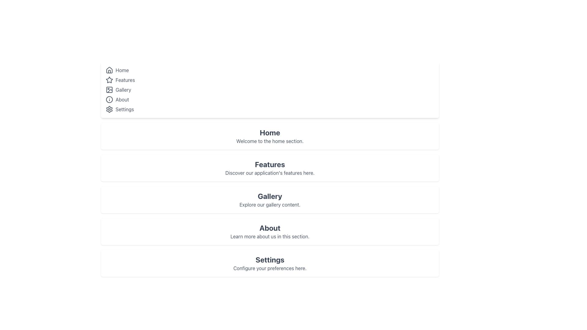 This screenshot has width=587, height=330. I want to click on text of the 'Settings' label located at the bottom of the navigation list, adjacent to the settings icon, so click(124, 109).